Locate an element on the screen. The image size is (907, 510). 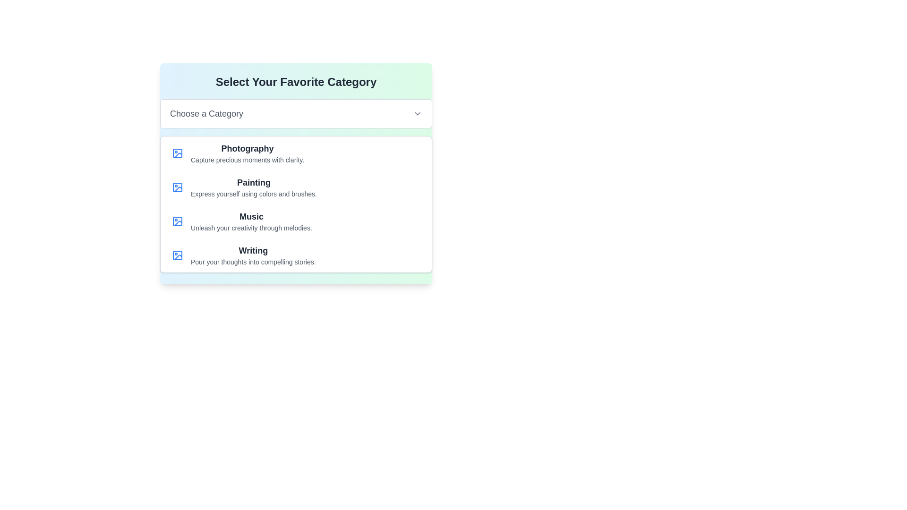
the downward-facing chevron icon in the dropdown menu is located at coordinates (417, 113).